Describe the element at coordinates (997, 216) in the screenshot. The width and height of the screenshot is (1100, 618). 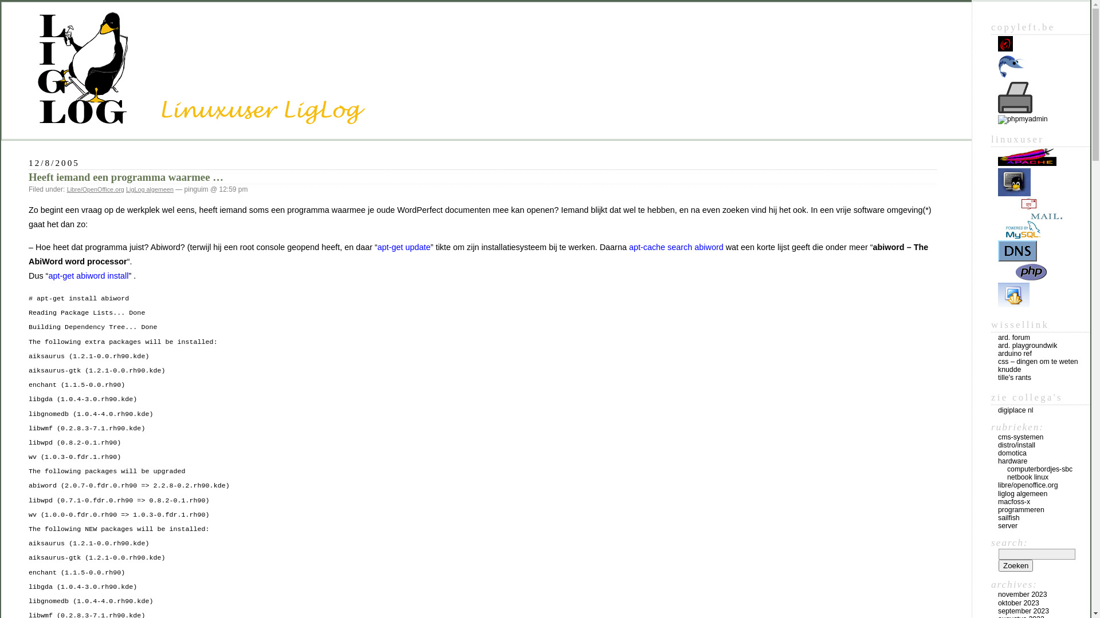
I see `'mailserver'` at that location.